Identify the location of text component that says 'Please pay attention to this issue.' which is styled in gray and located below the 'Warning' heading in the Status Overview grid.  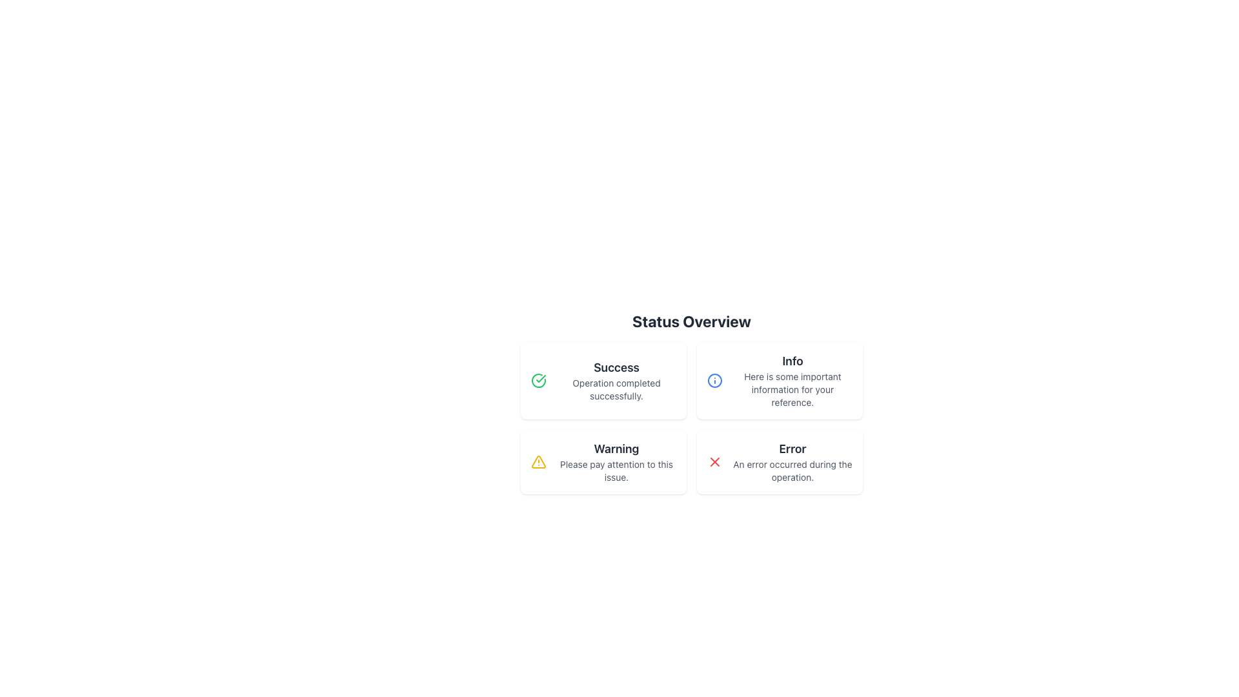
(616, 470).